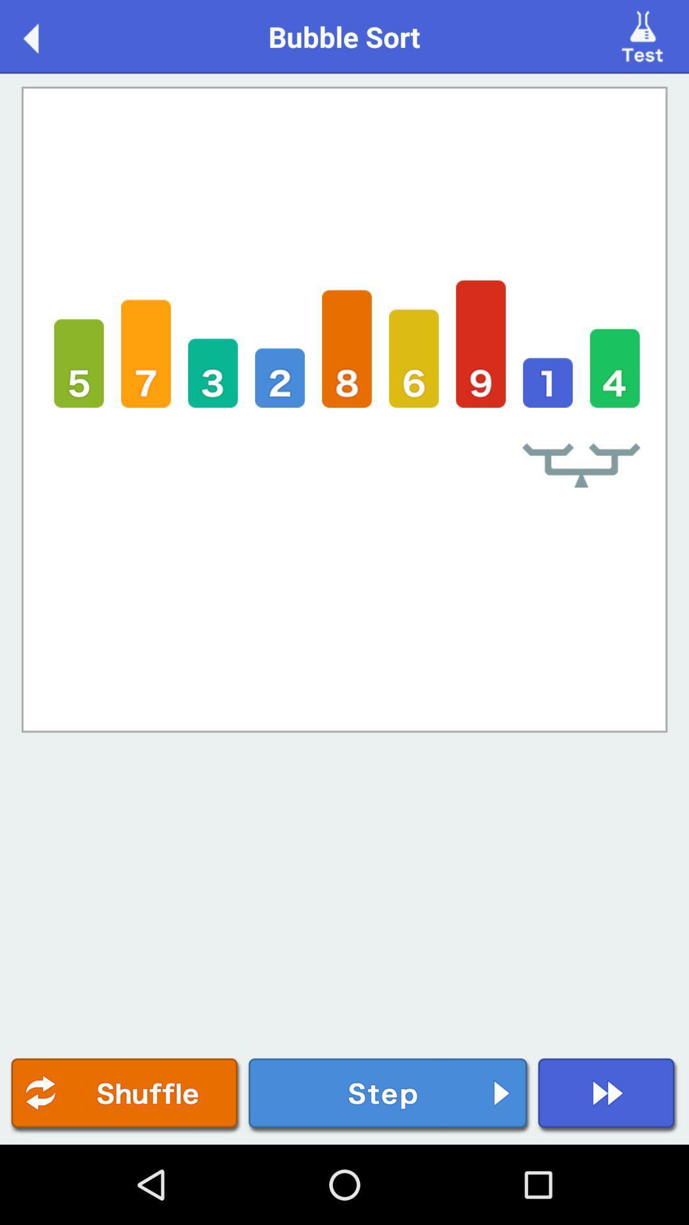 The width and height of the screenshot is (689, 1225). What do you see at coordinates (126, 1095) in the screenshot?
I see `shuffle` at bounding box center [126, 1095].